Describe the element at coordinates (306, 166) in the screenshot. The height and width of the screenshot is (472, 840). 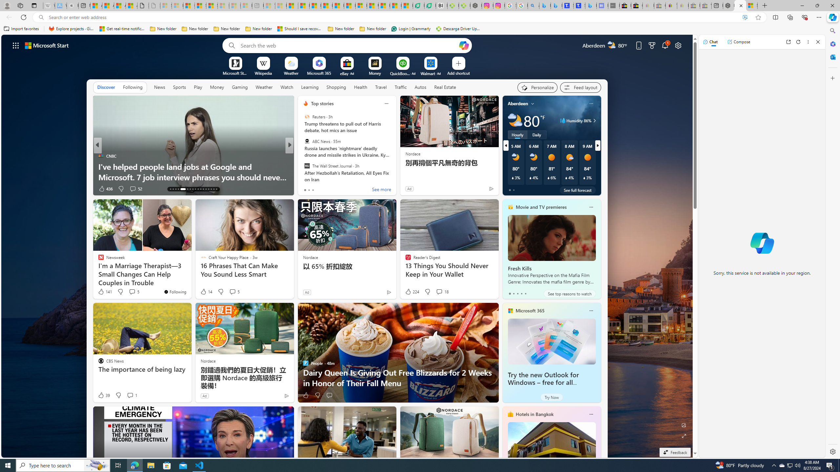
I see `'The Wall Street Journal'` at that location.